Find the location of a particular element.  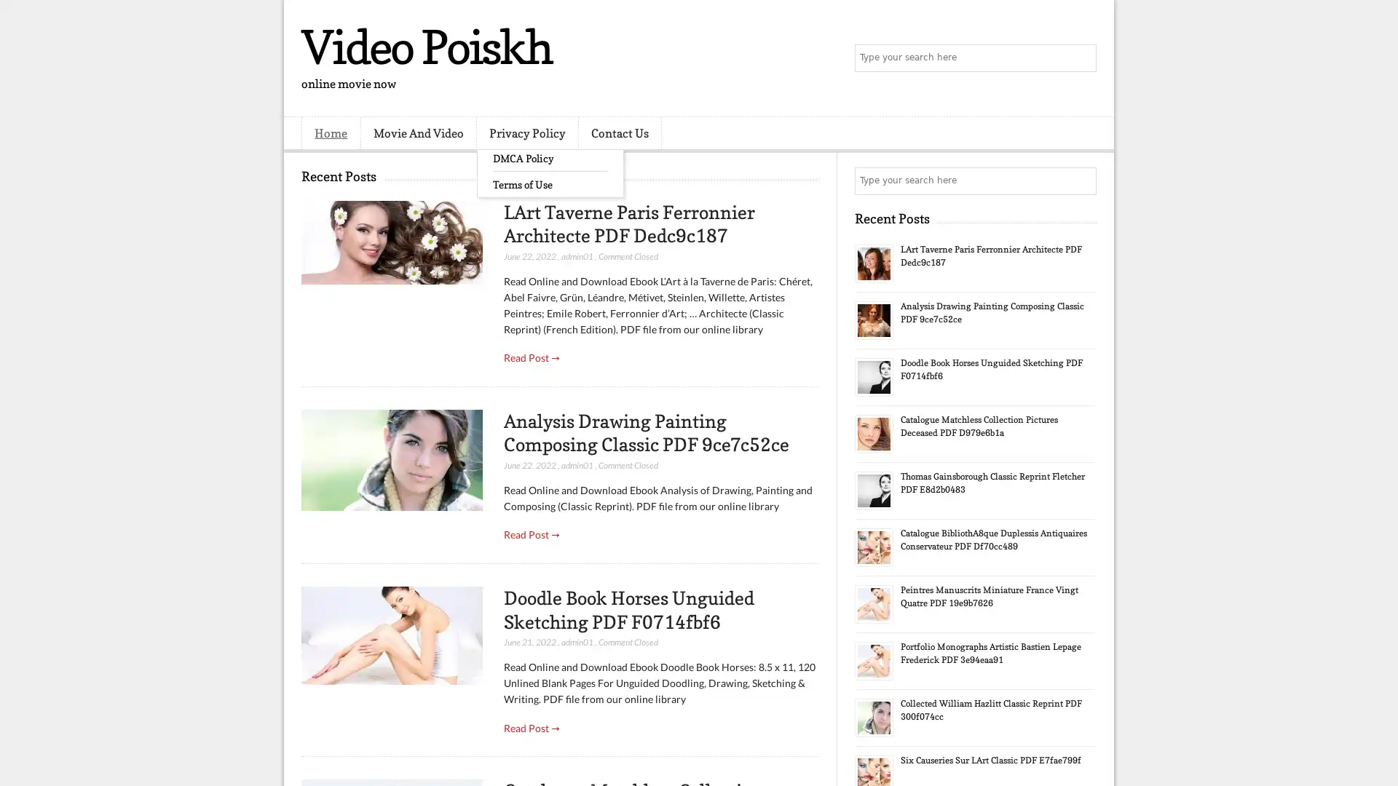

Search is located at coordinates (1081, 180).